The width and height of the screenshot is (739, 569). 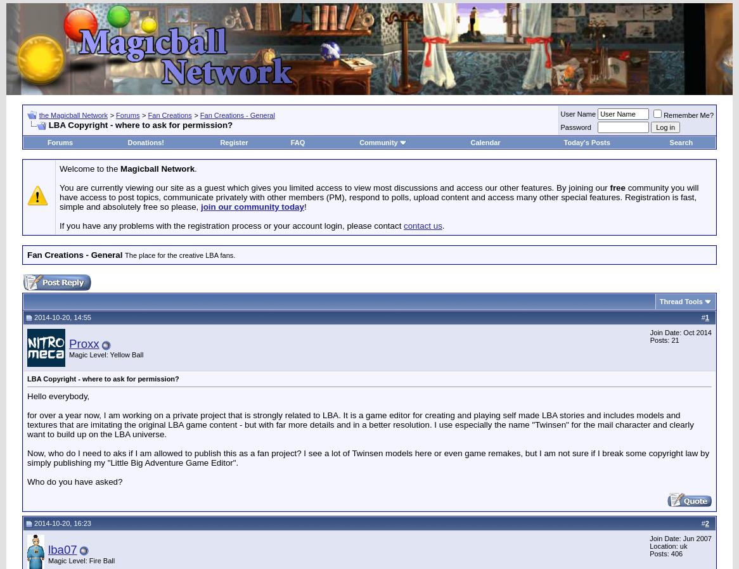 I want to click on 'Hello everybody,', so click(x=57, y=395).